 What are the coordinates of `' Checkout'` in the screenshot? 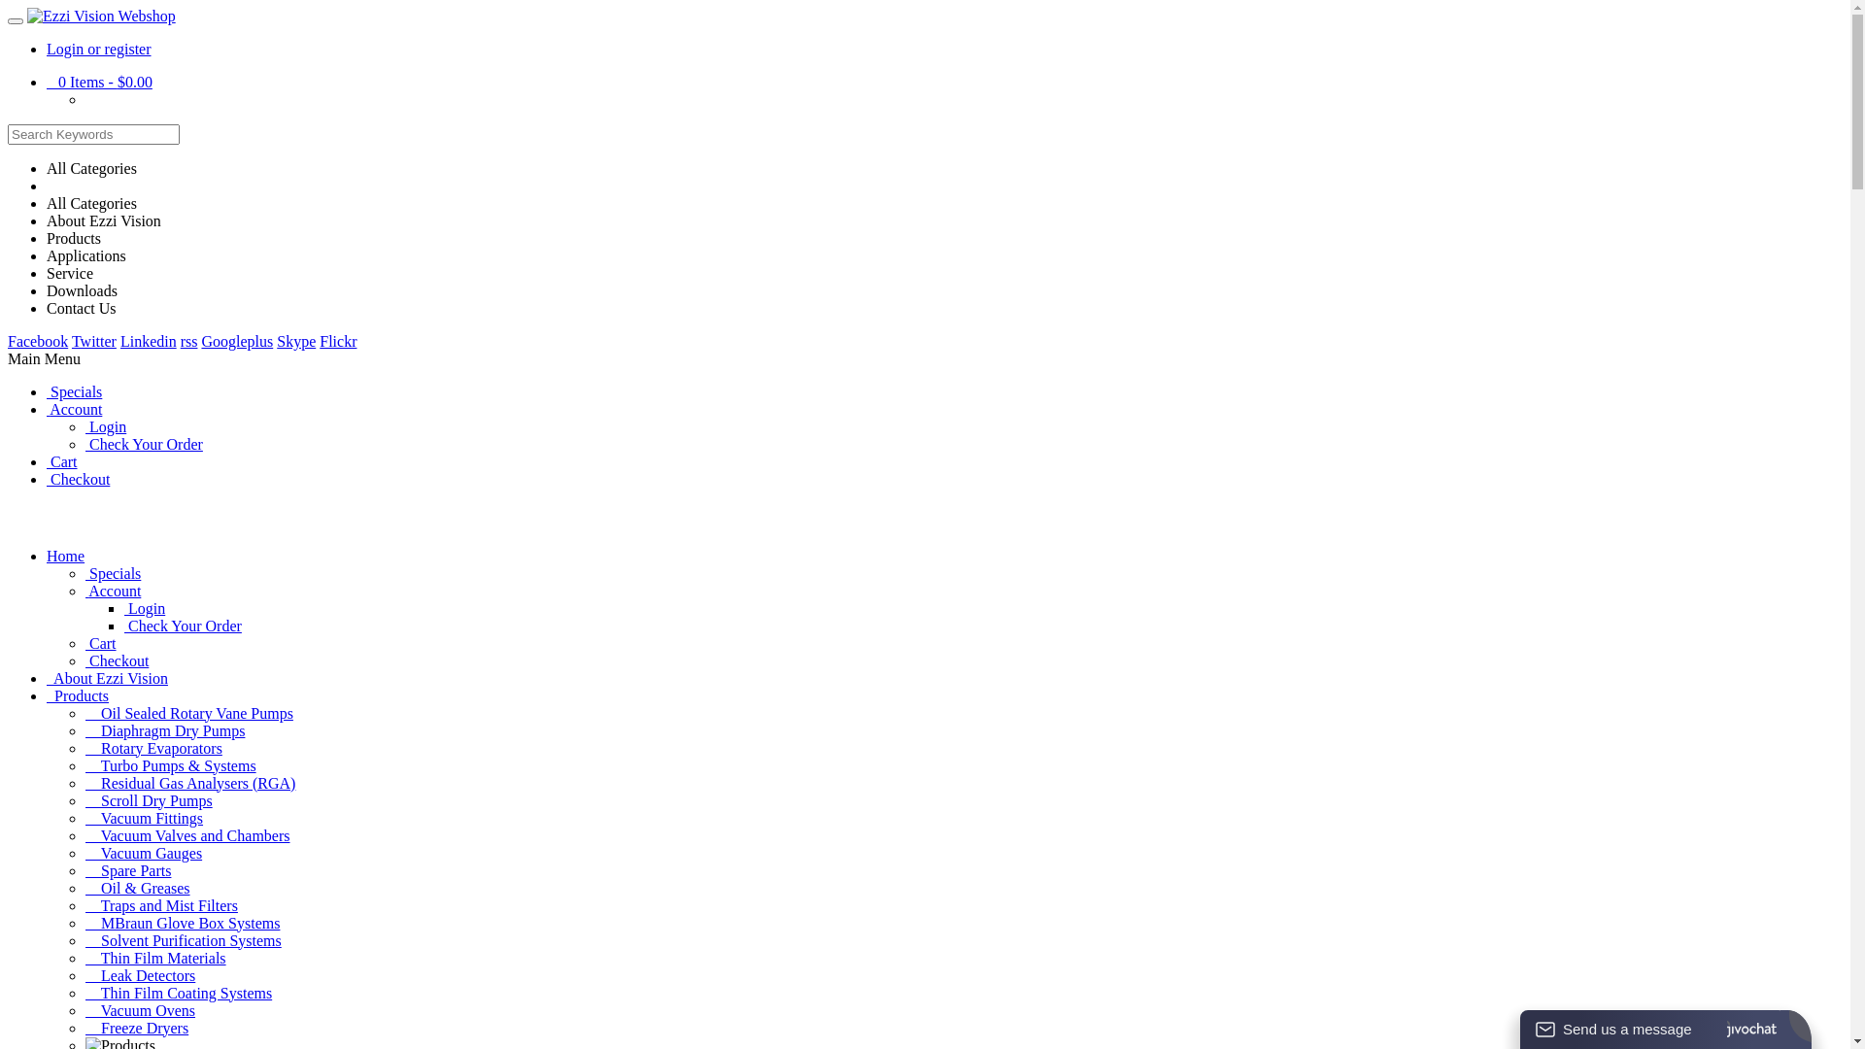 It's located at (47, 479).